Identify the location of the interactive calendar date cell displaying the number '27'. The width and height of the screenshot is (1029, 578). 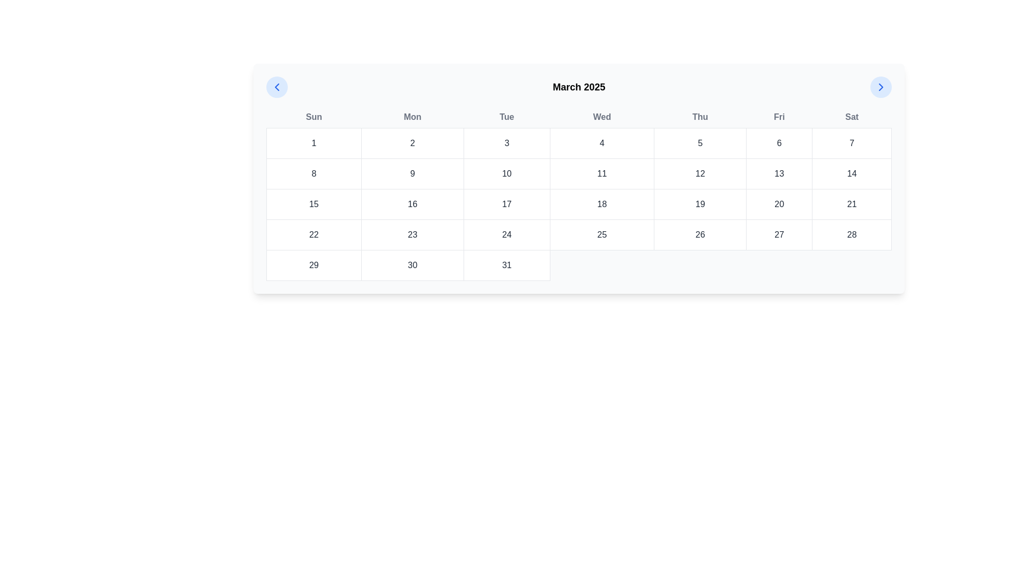
(779, 234).